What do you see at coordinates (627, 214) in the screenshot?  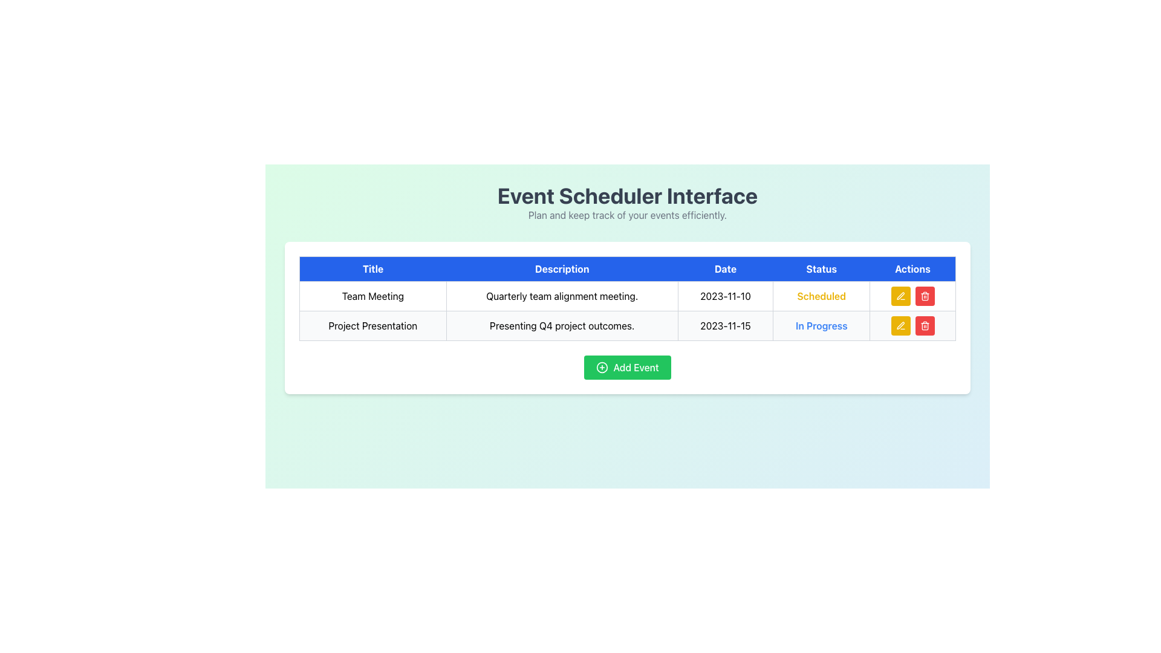 I see `the static text element located directly below the header text 'Event Scheduler Interface'` at bounding box center [627, 214].